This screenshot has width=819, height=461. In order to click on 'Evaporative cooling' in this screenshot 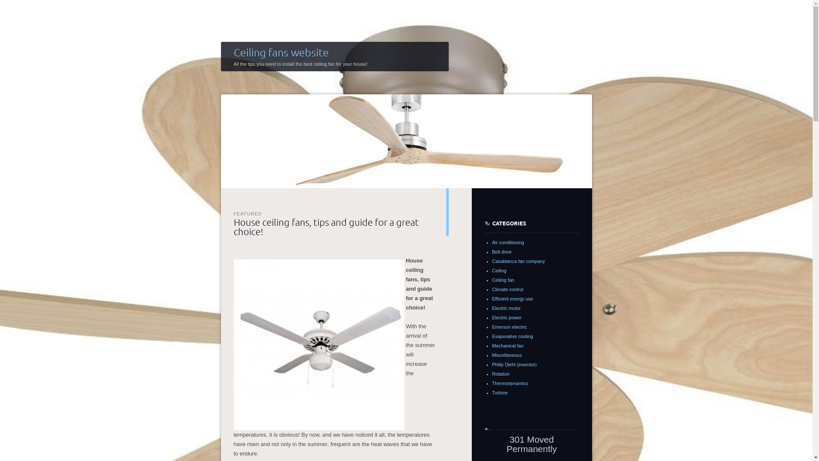, I will do `click(492, 336)`.